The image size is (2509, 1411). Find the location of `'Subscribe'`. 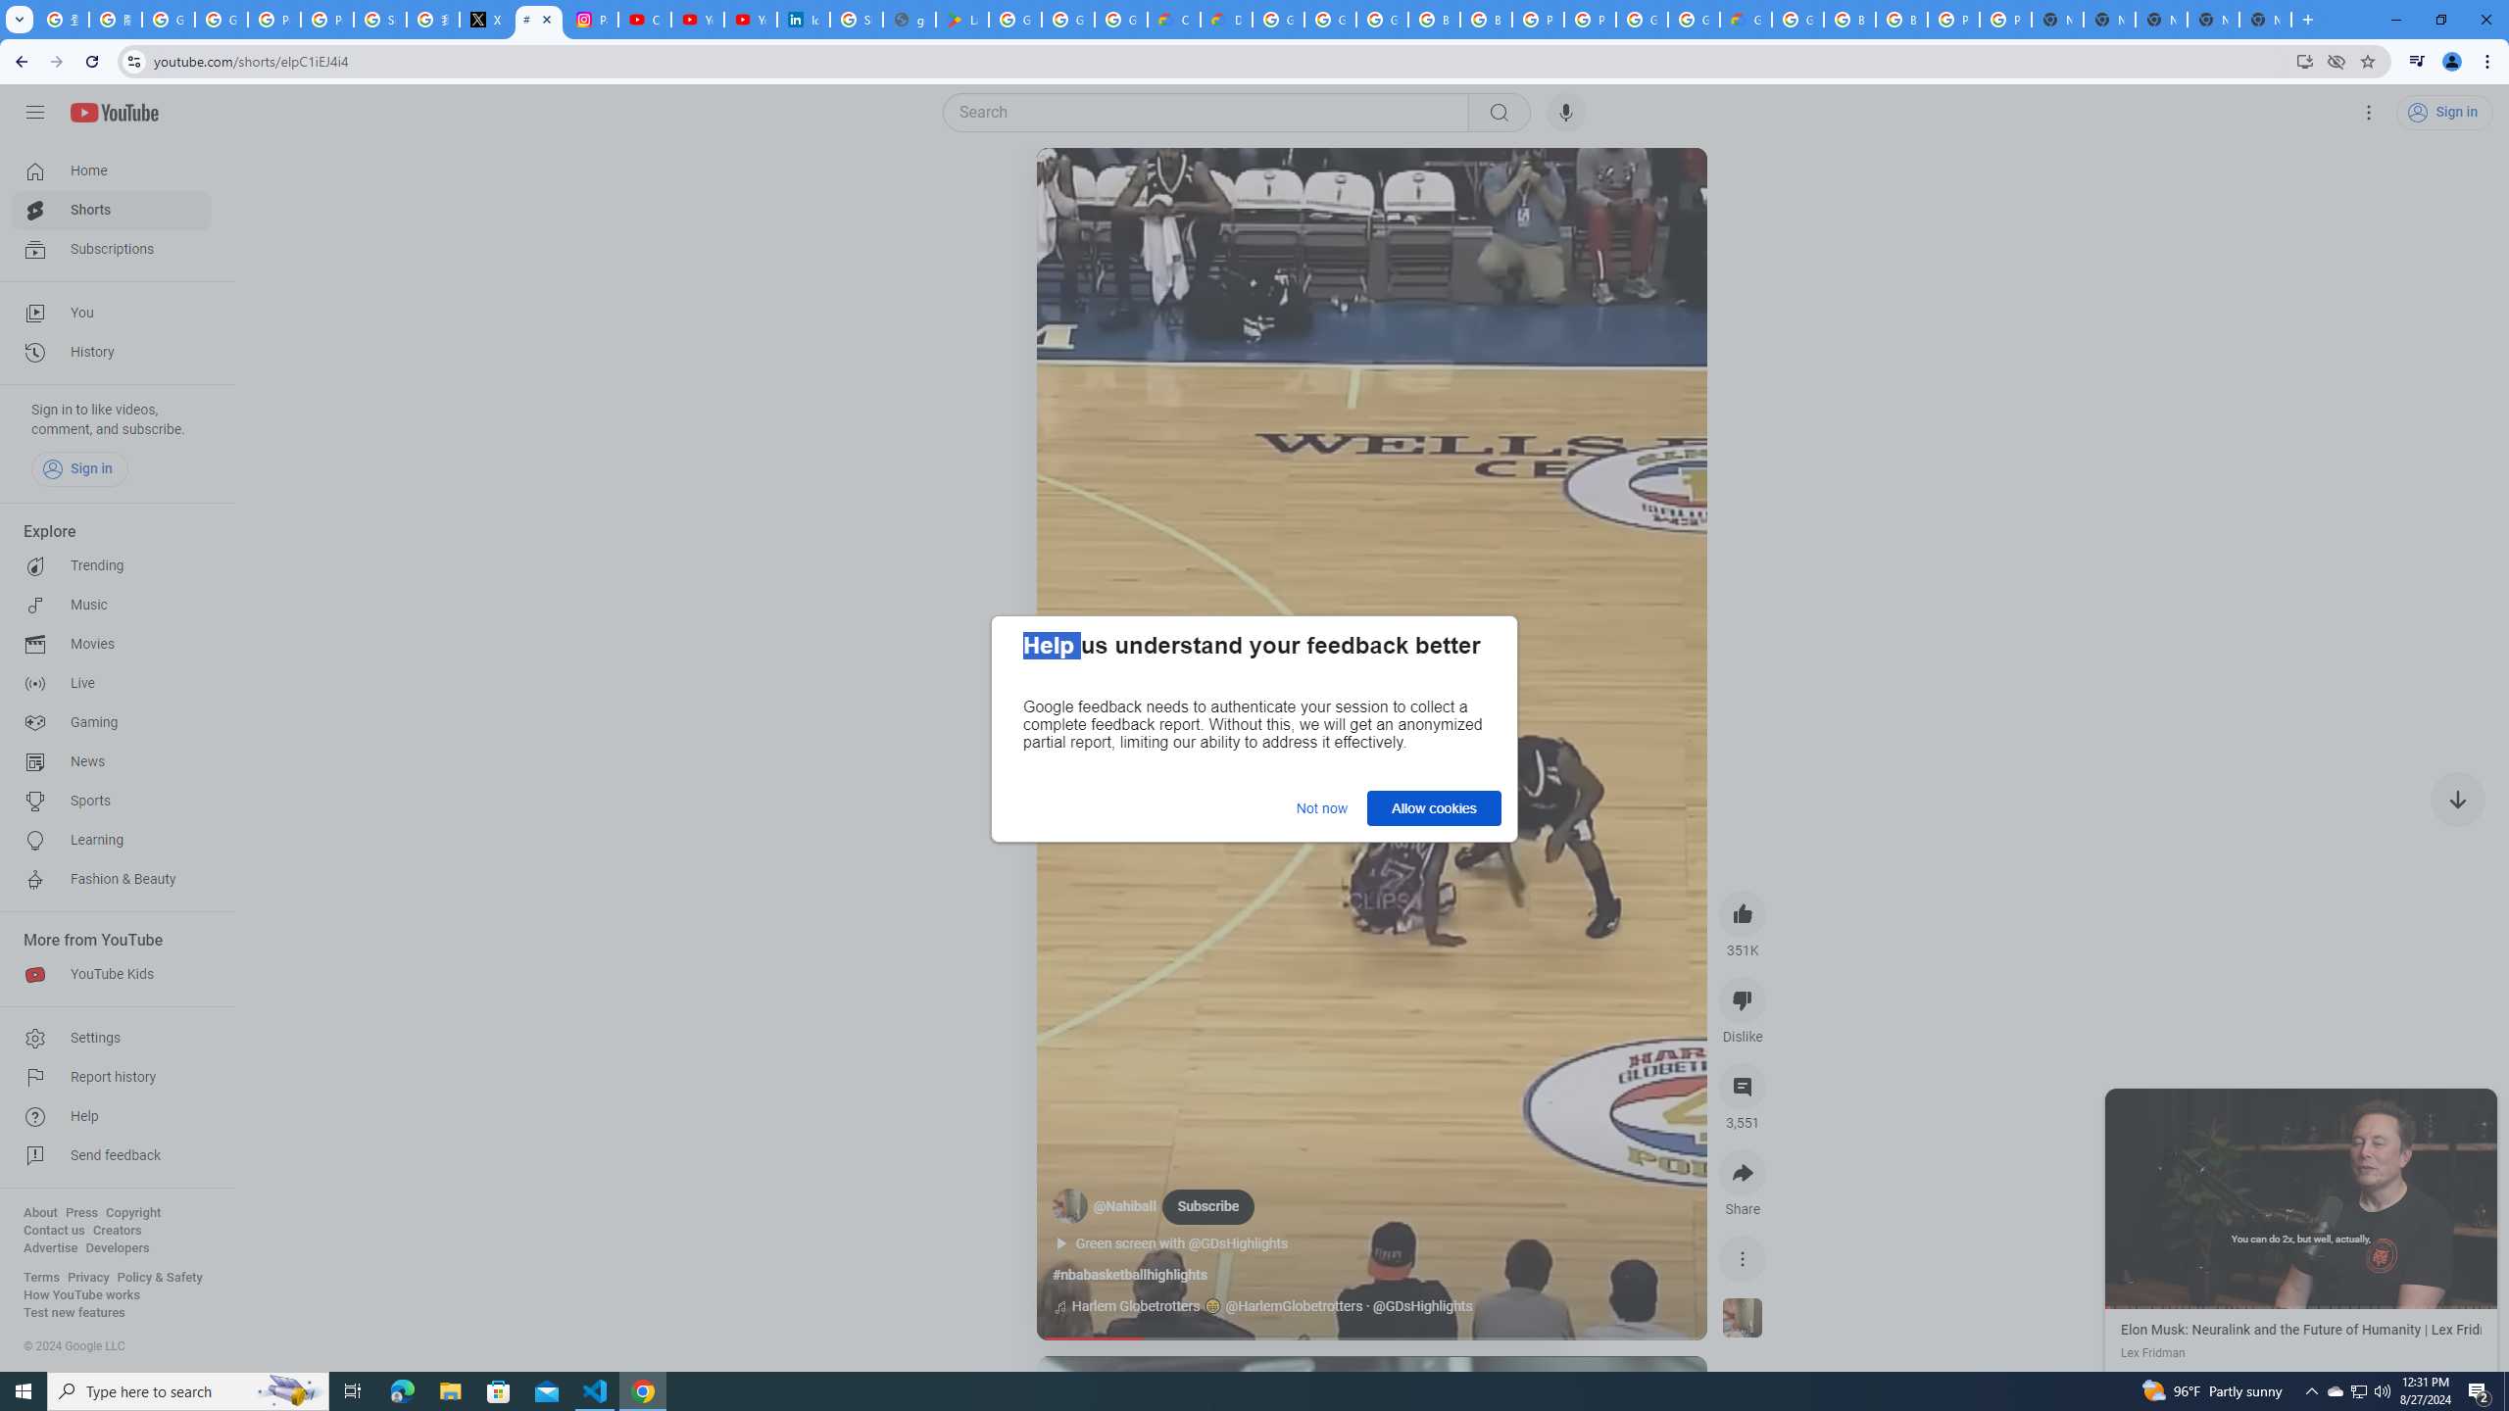

'Subscribe' is located at coordinates (1206, 1205).